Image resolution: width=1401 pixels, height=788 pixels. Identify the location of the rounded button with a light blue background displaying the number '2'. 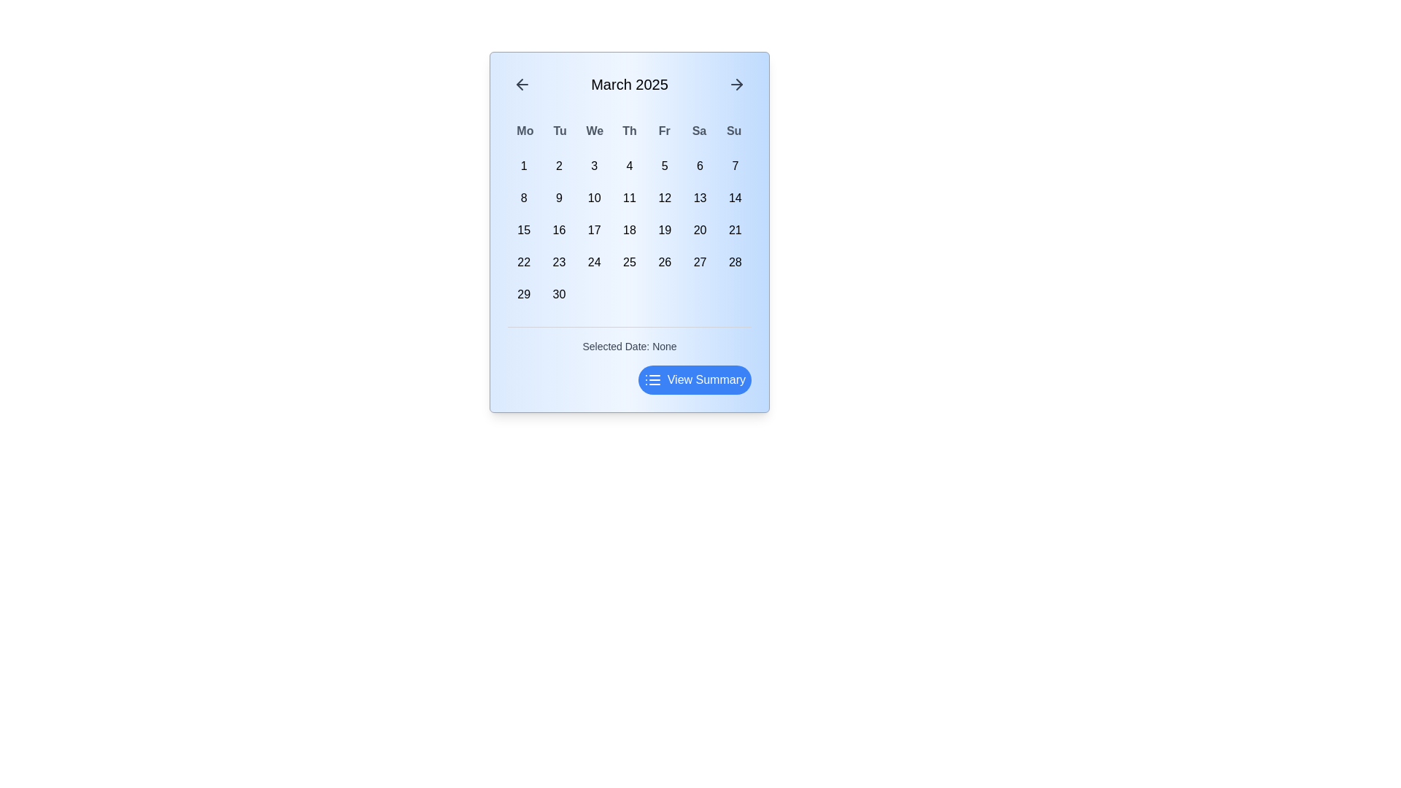
(558, 165).